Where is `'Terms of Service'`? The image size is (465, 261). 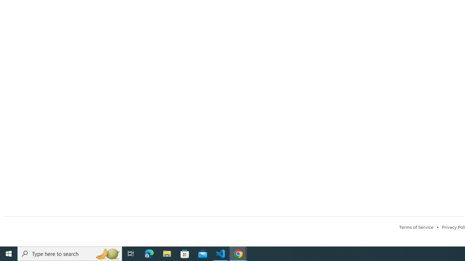 'Terms of Service' is located at coordinates (416, 227).